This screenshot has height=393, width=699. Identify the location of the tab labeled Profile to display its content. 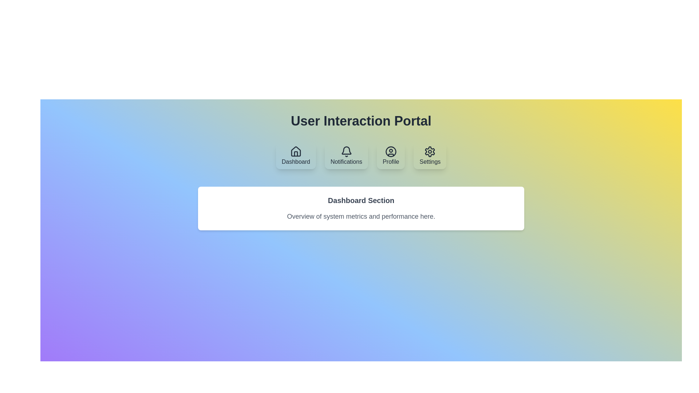
(390, 155).